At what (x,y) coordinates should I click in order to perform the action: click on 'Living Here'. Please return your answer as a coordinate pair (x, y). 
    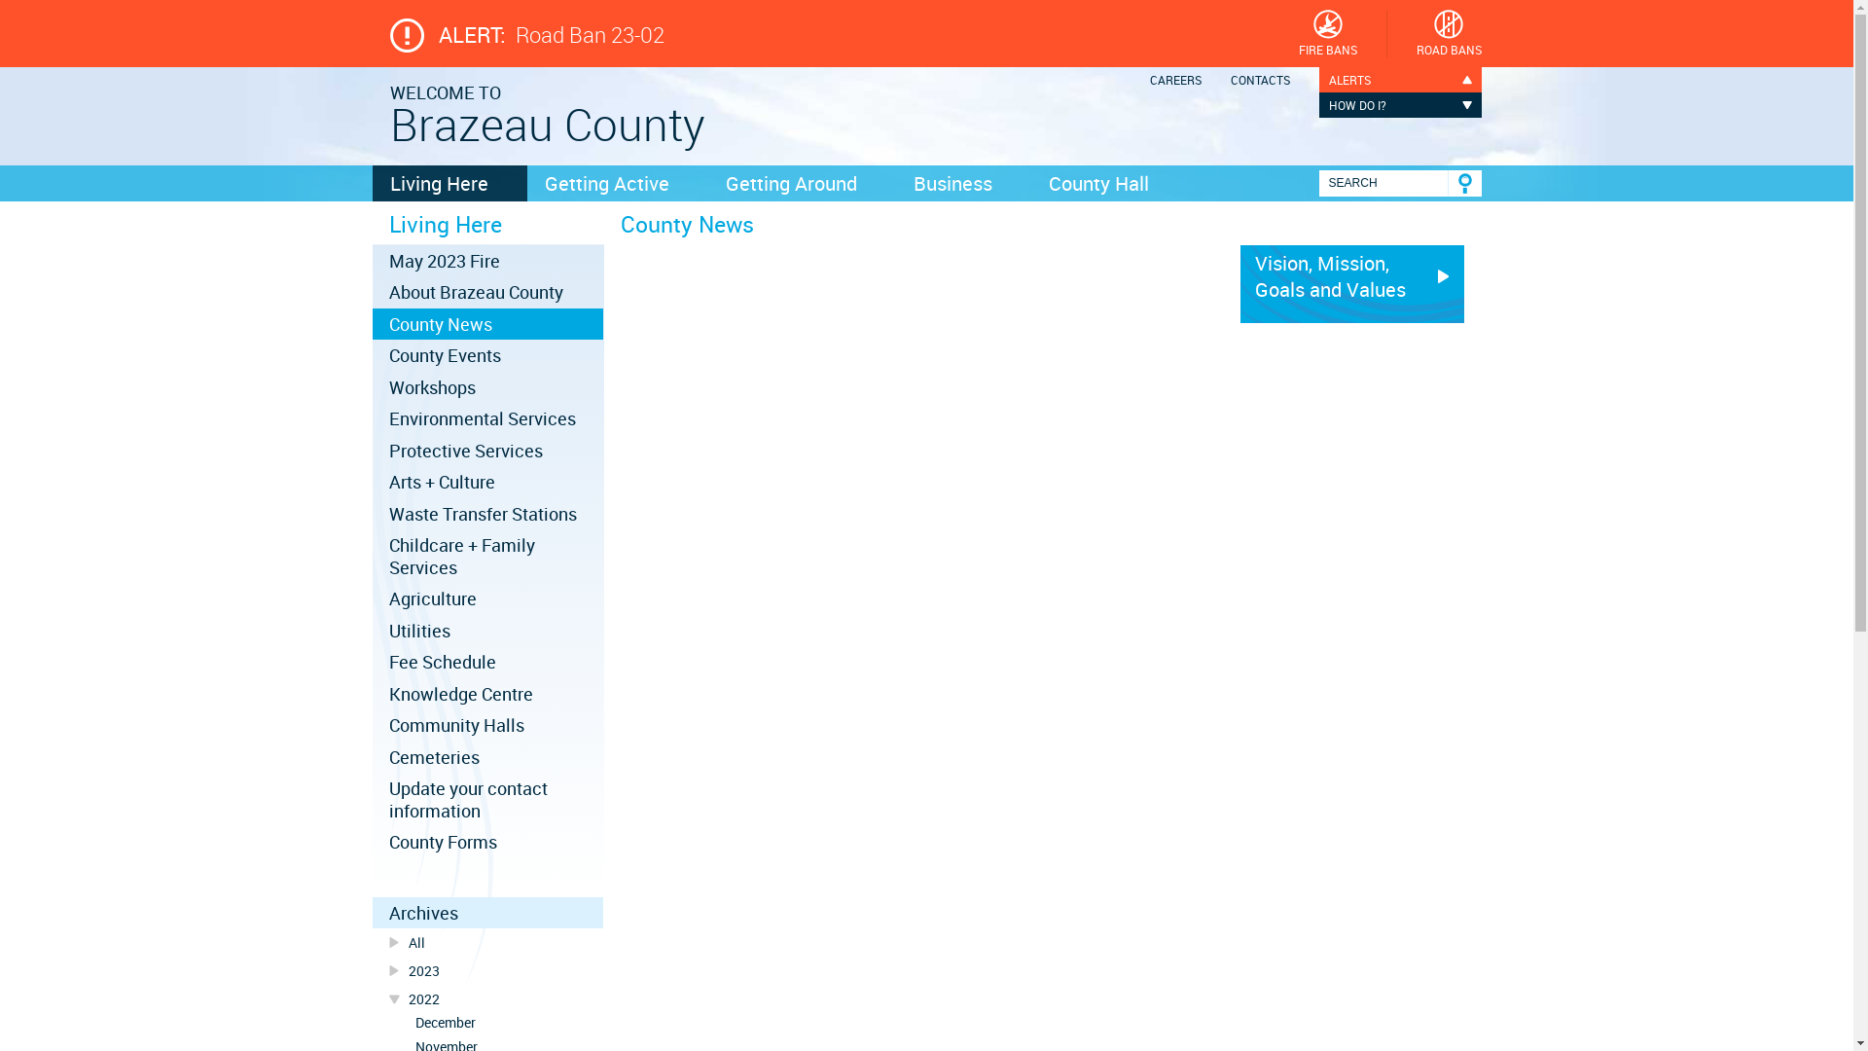
    Looking at the image, I should click on (448, 183).